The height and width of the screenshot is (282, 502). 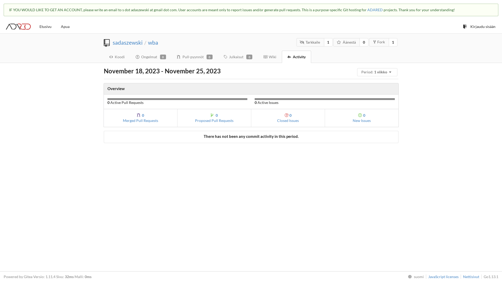 What do you see at coordinates (310, 42) in the screenshot?
I see `'Tarkkaile'` at bounding box center [310, 42].